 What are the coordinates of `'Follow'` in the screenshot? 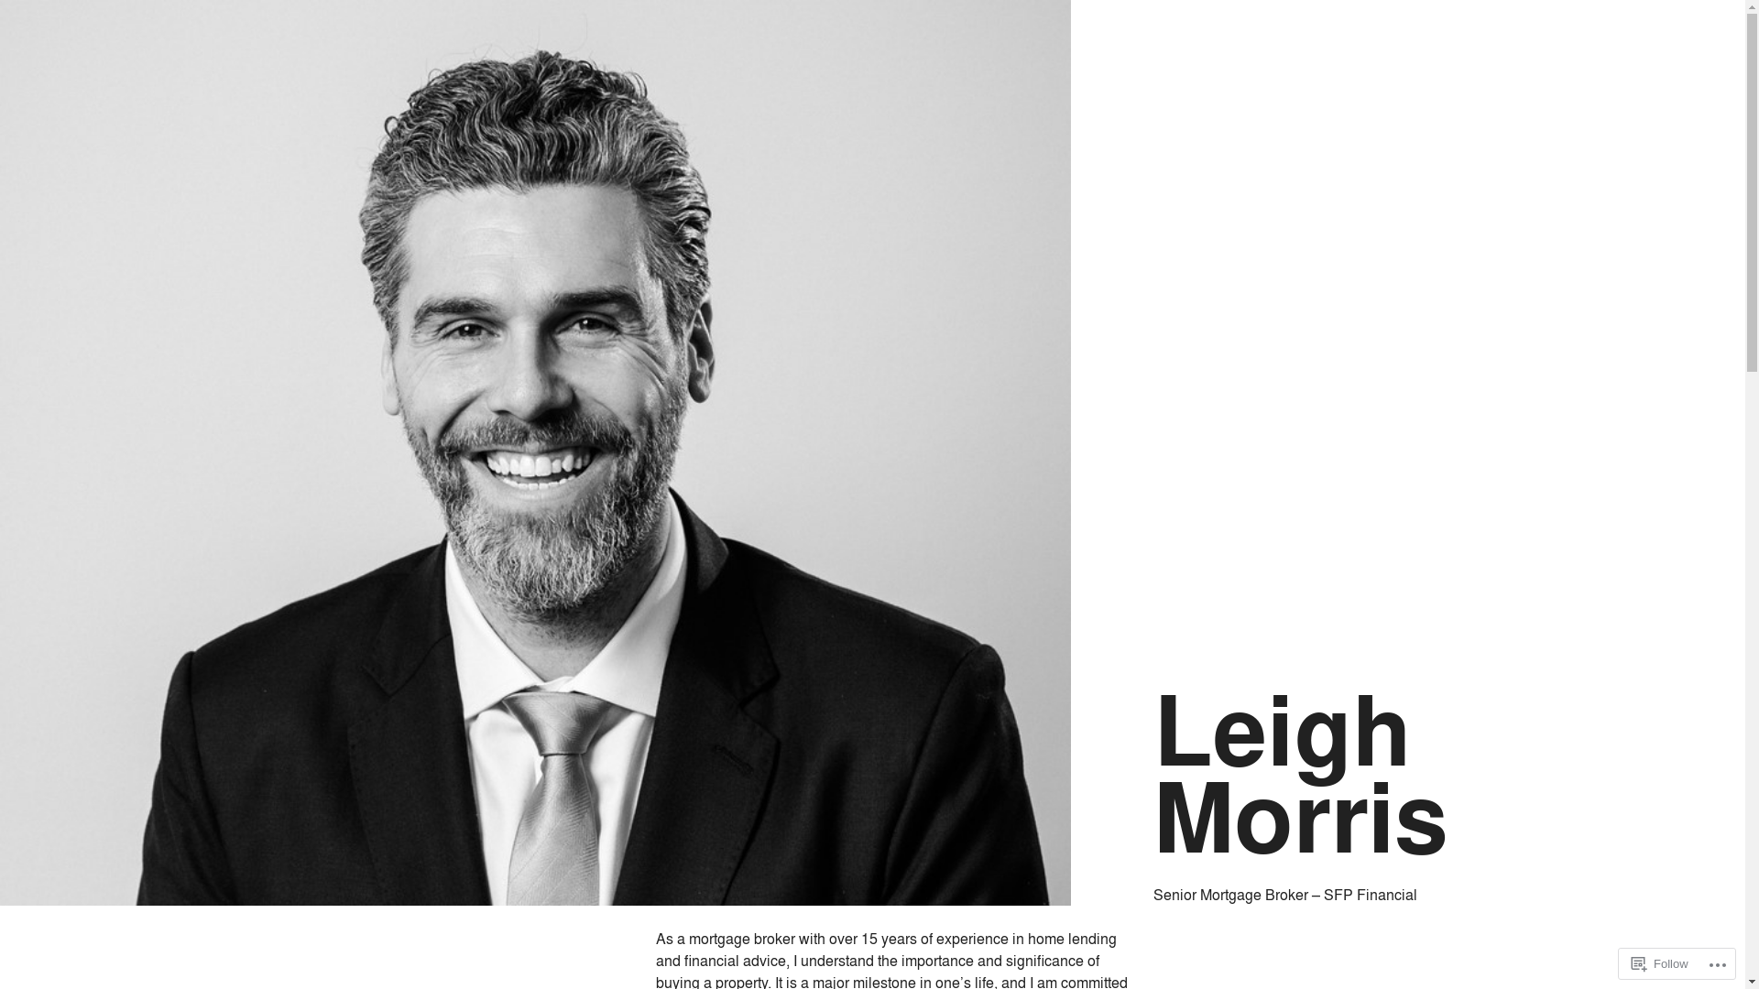 It's located at (1660, 962).